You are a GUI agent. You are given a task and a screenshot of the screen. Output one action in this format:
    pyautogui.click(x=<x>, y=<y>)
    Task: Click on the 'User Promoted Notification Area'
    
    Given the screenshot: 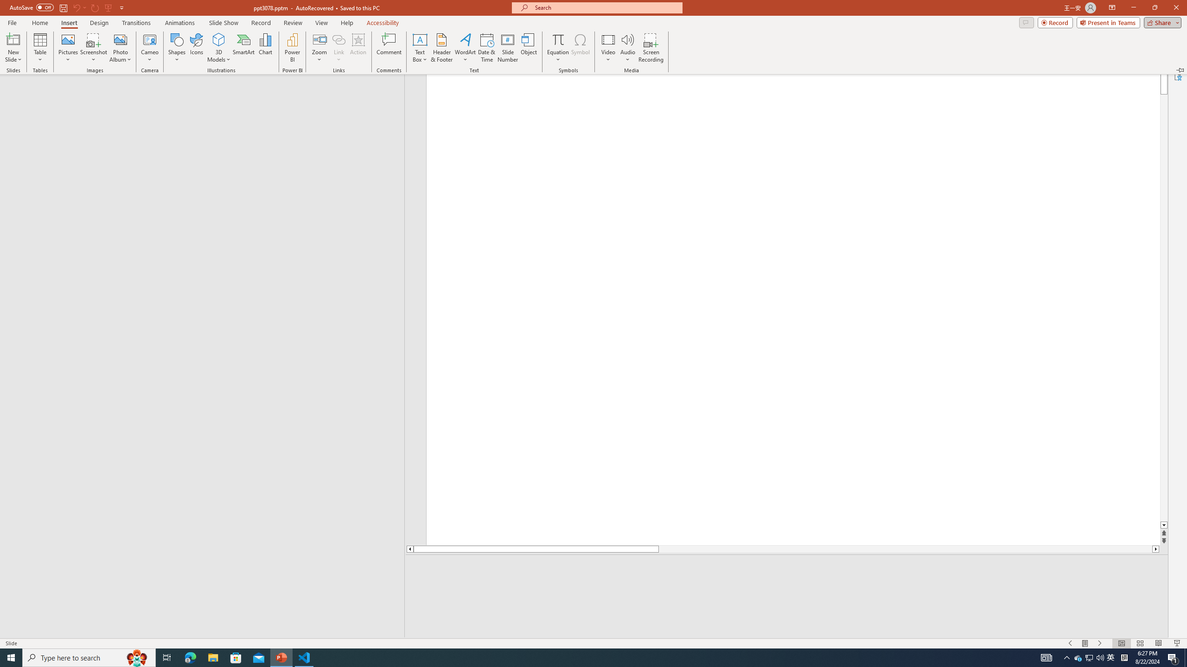 What is the action you would take?
    pyautogui.click(x=1089, y=657)
    